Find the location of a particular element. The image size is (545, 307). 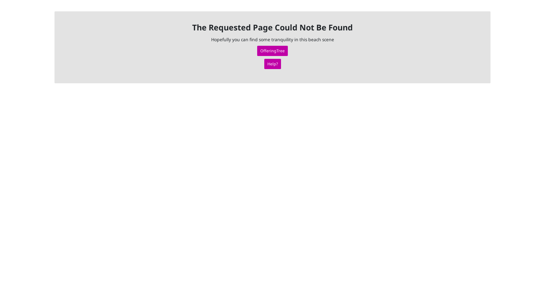

'Help?' is located at coordinates (272, 64).